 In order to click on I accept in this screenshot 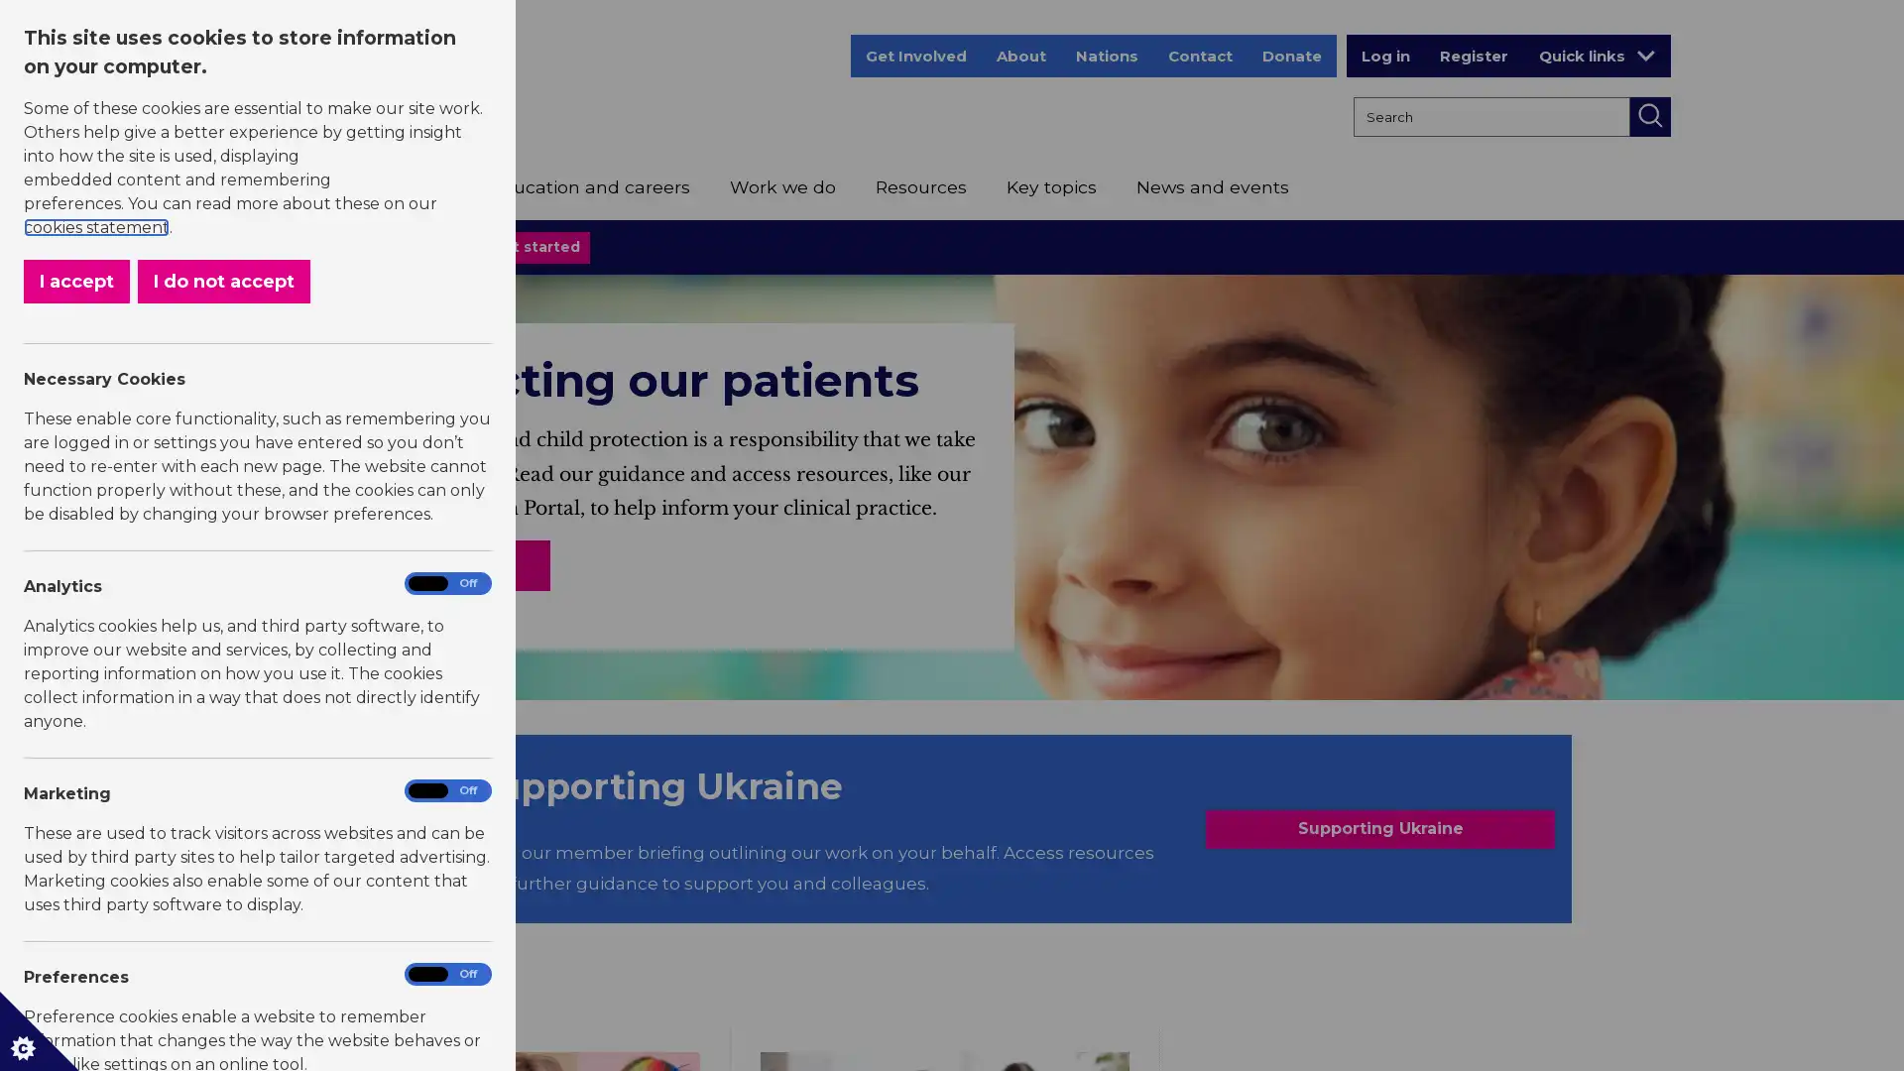, I will do `click(76, 280)`.